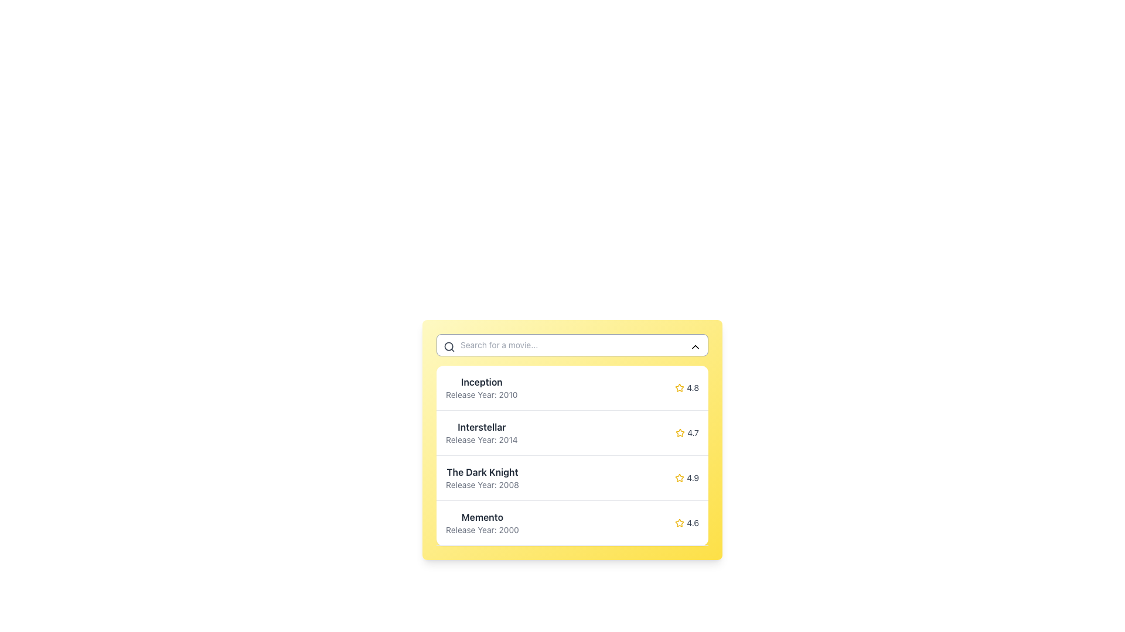 The image size is (1125, 632). I want to click on the second row in the movie list displaying the title 'Interstellar', so click(572, 433).